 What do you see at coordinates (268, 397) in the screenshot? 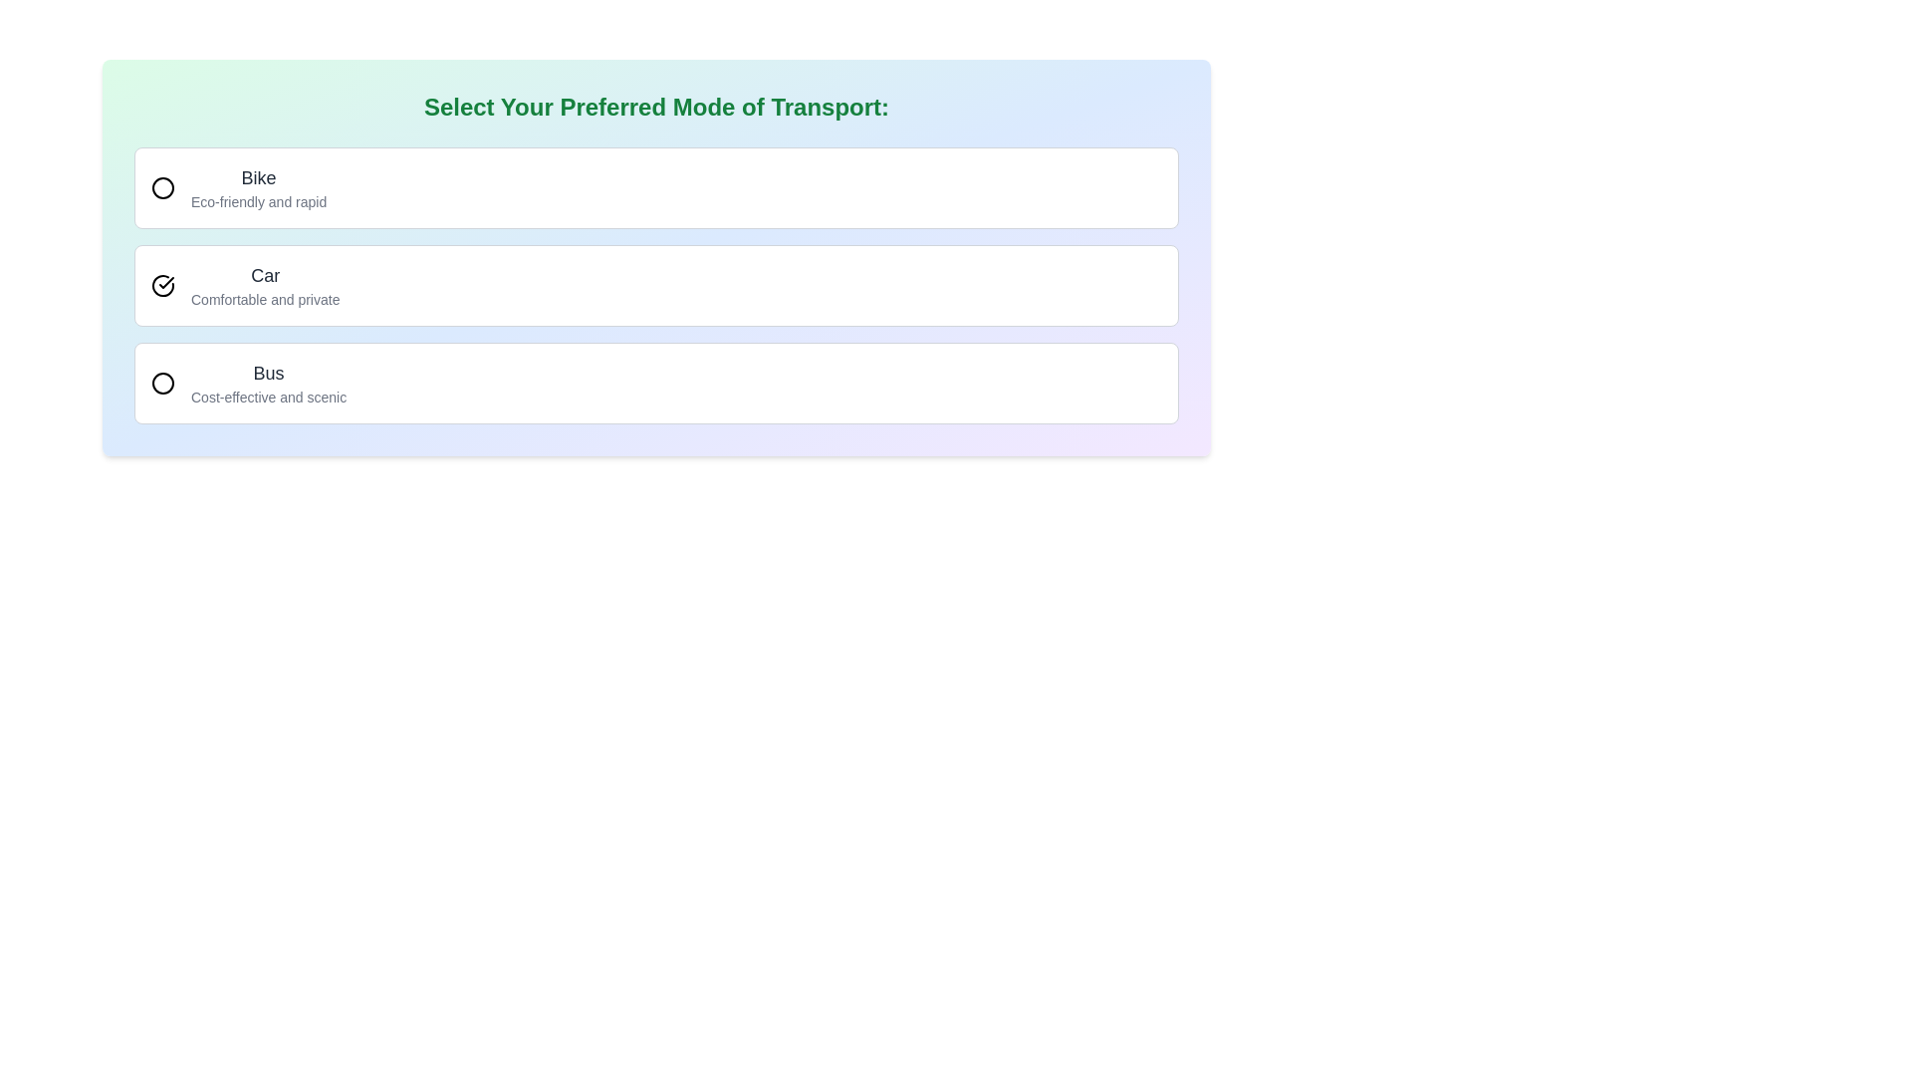
I see `the static text label providing a description for the 'Bus' option, which is located under the 'Bus' heading in the panel` at bounding box center [268, 397].